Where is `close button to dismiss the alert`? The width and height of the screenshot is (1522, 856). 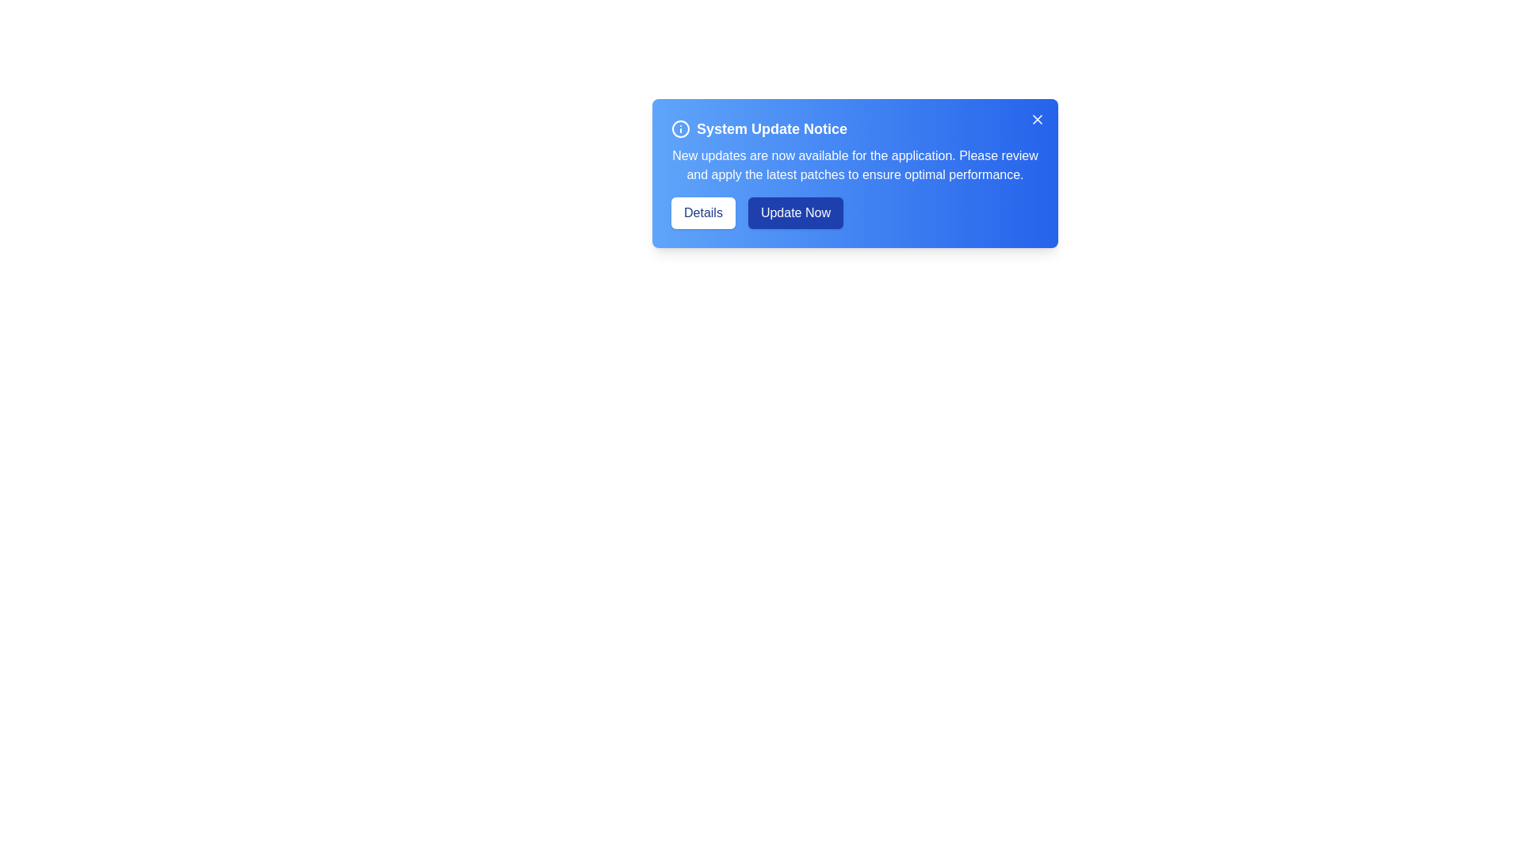
close button to dismiss the alert is located at coordinates (1038, 118).